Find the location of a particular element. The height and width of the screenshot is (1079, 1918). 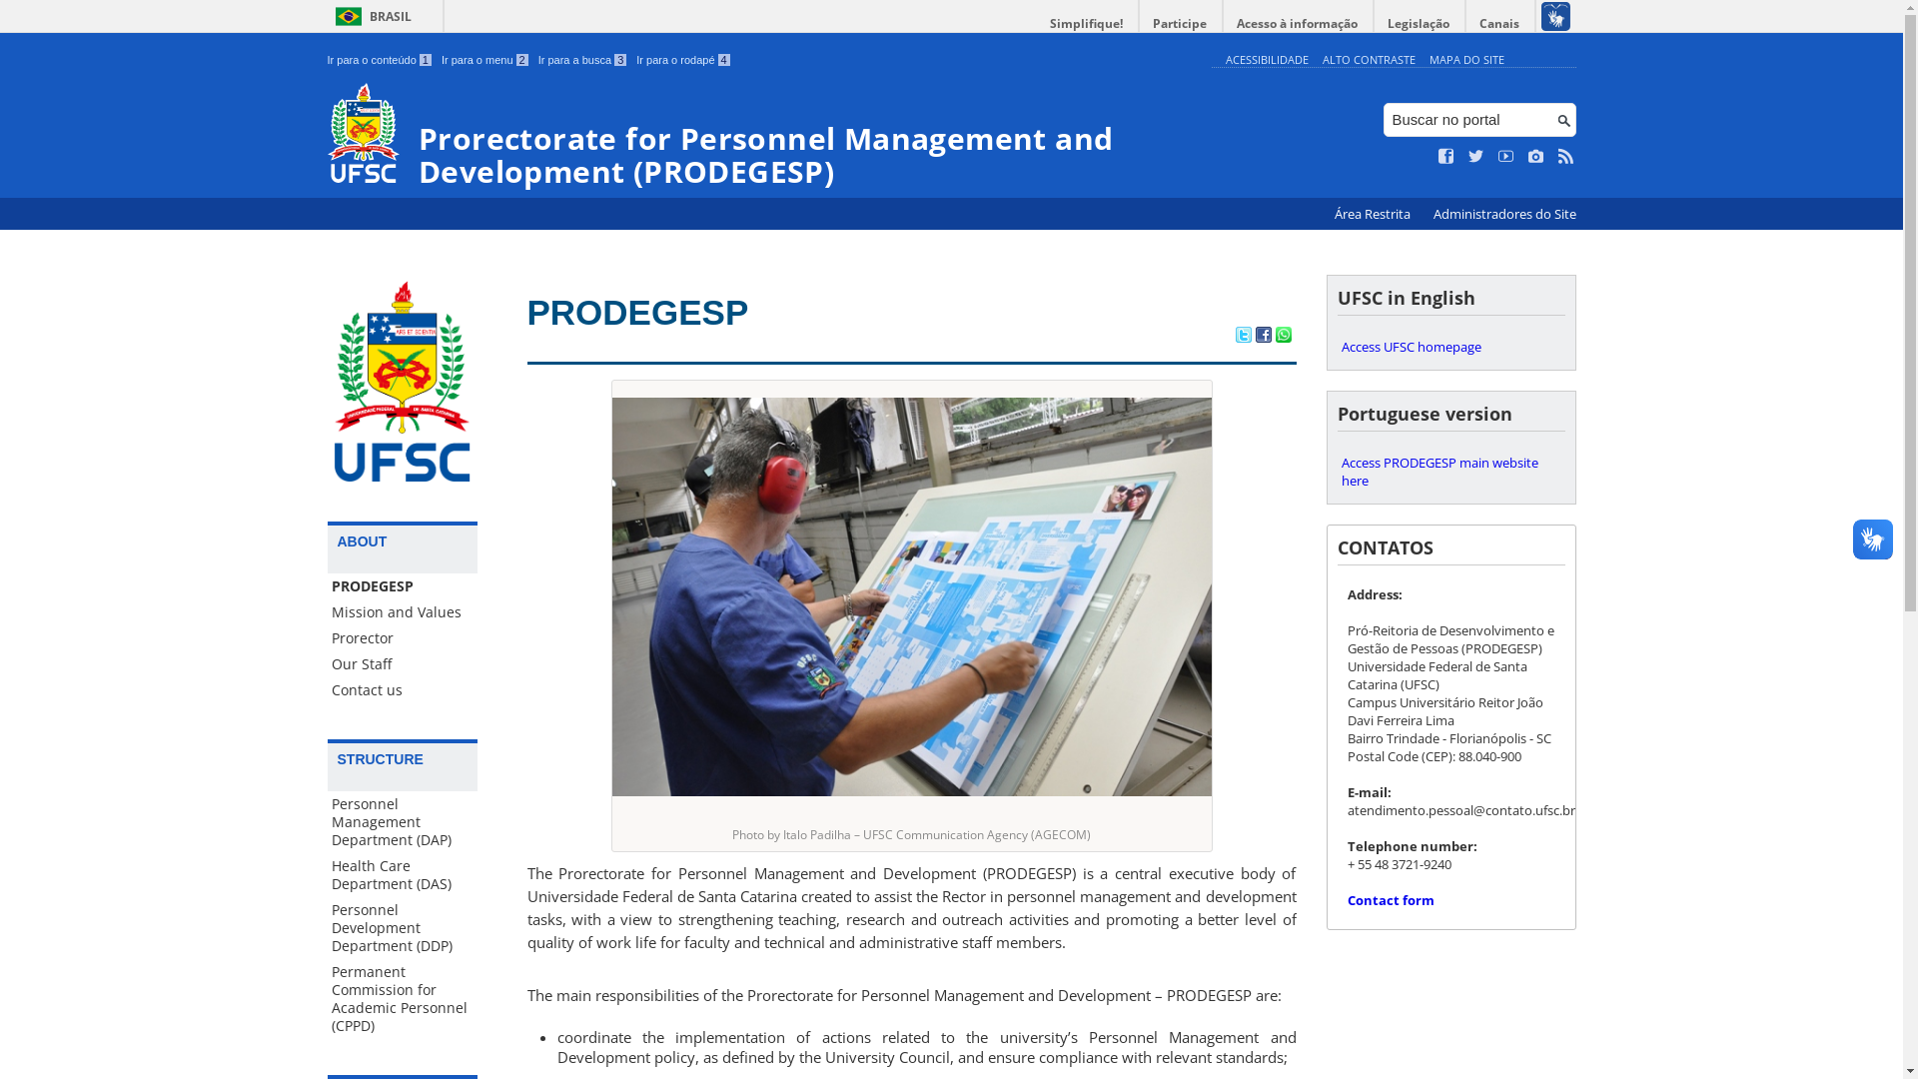

'PRODEGESP' is located at coordinates (636, 312).